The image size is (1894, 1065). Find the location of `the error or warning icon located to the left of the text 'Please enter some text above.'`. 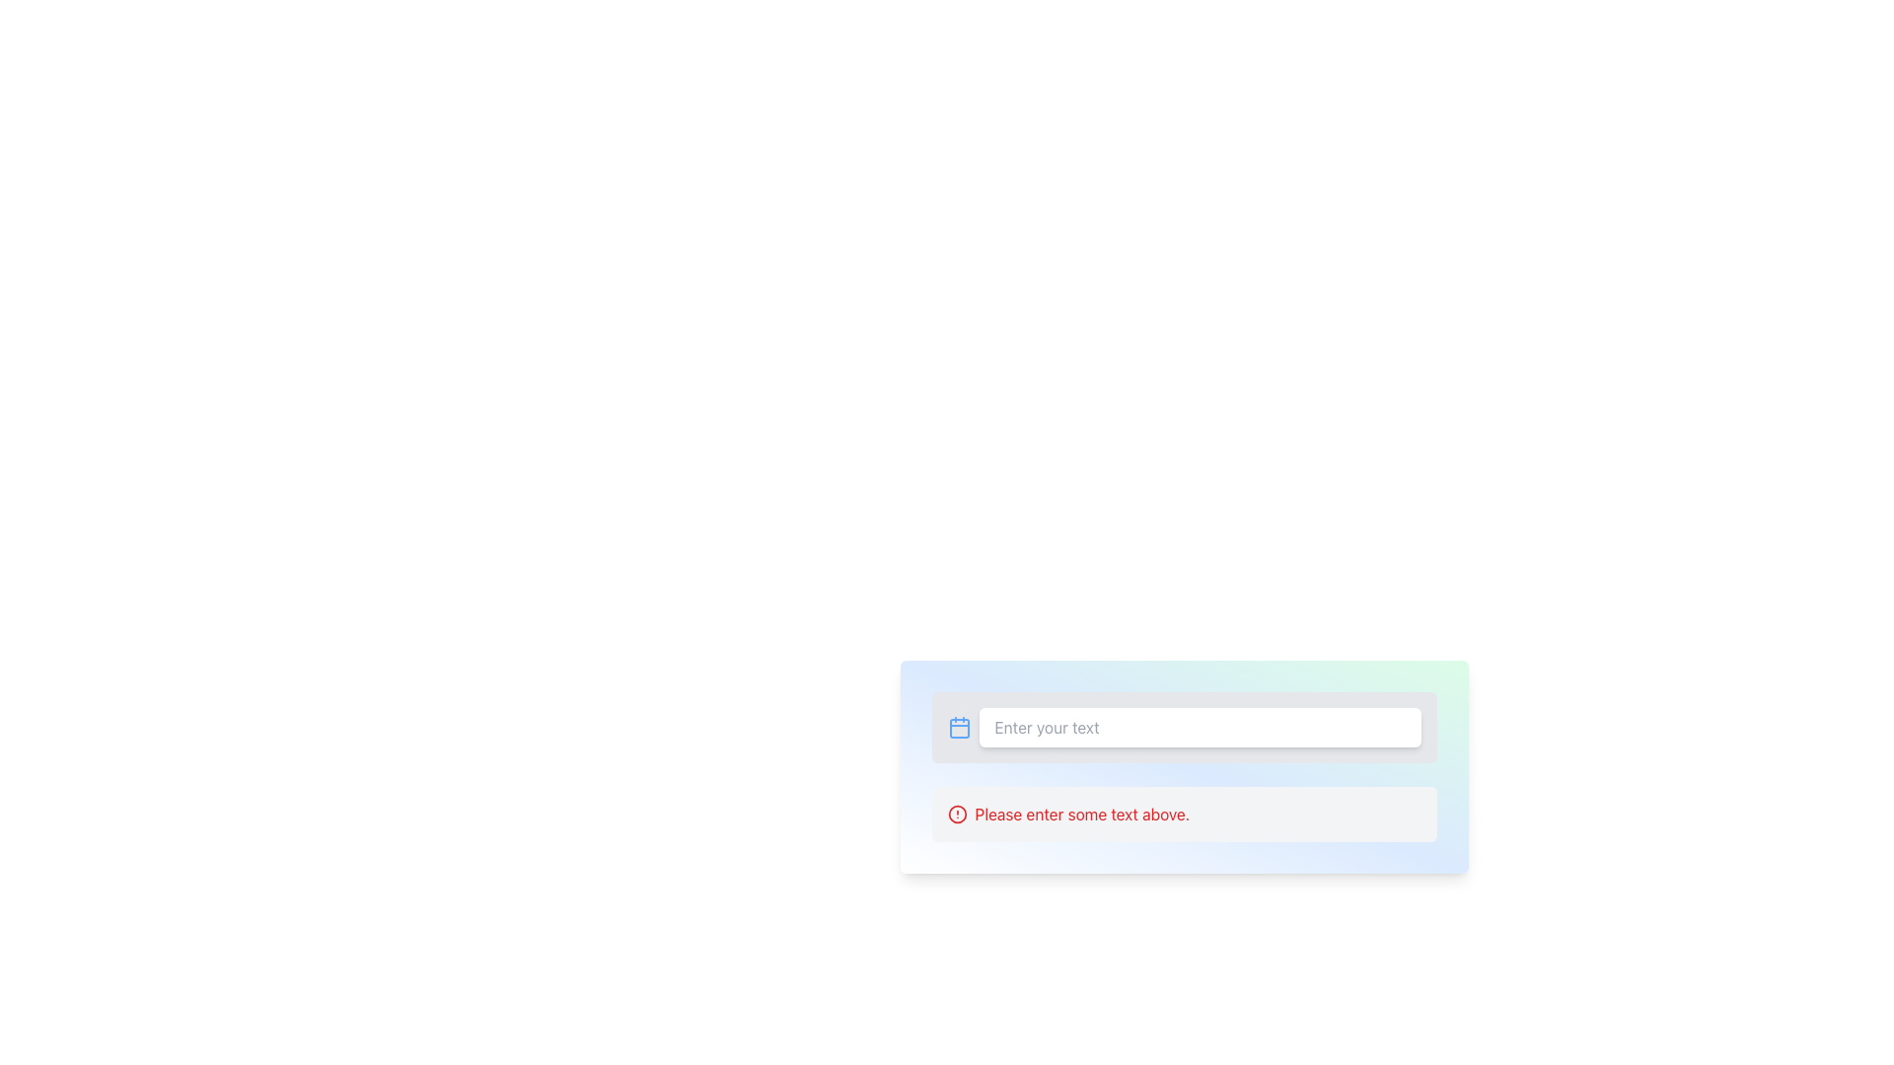

the error or warning icon located to the left of the text 'Please enter some text above.' is located at coordinates (957, 814).